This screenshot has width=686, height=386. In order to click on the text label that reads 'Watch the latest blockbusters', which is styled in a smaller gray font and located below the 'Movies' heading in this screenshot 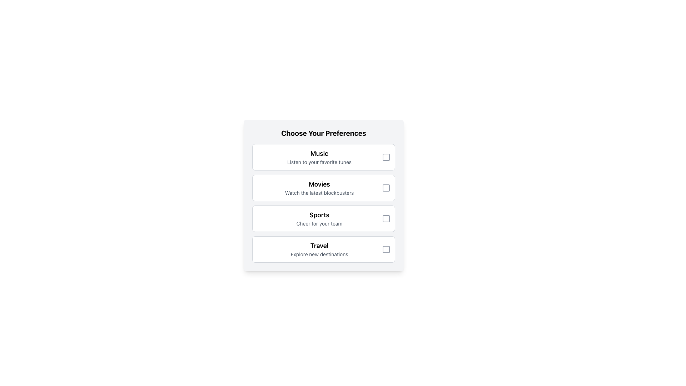, I will do `click(319, 193)`.